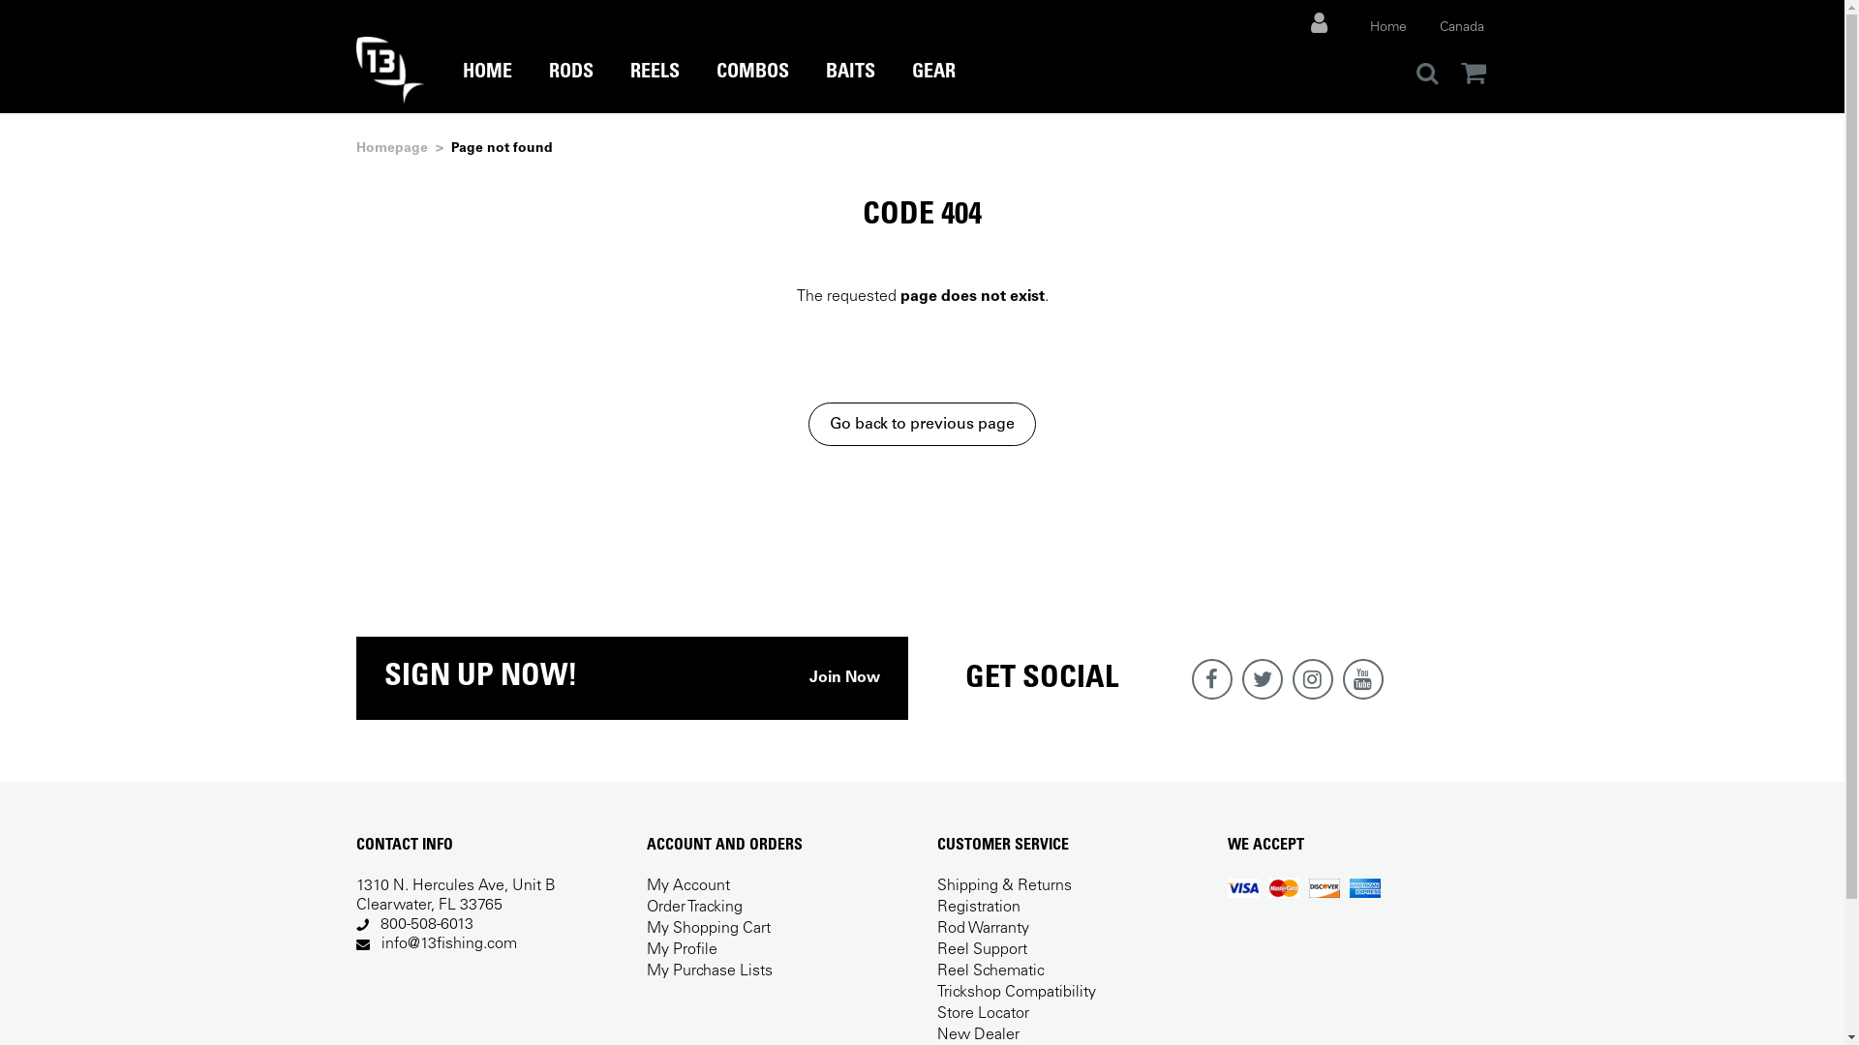 The height and width of the screenshot is (1045, 1859). I want to click on 'Rod Warranty', so click(983, 928).